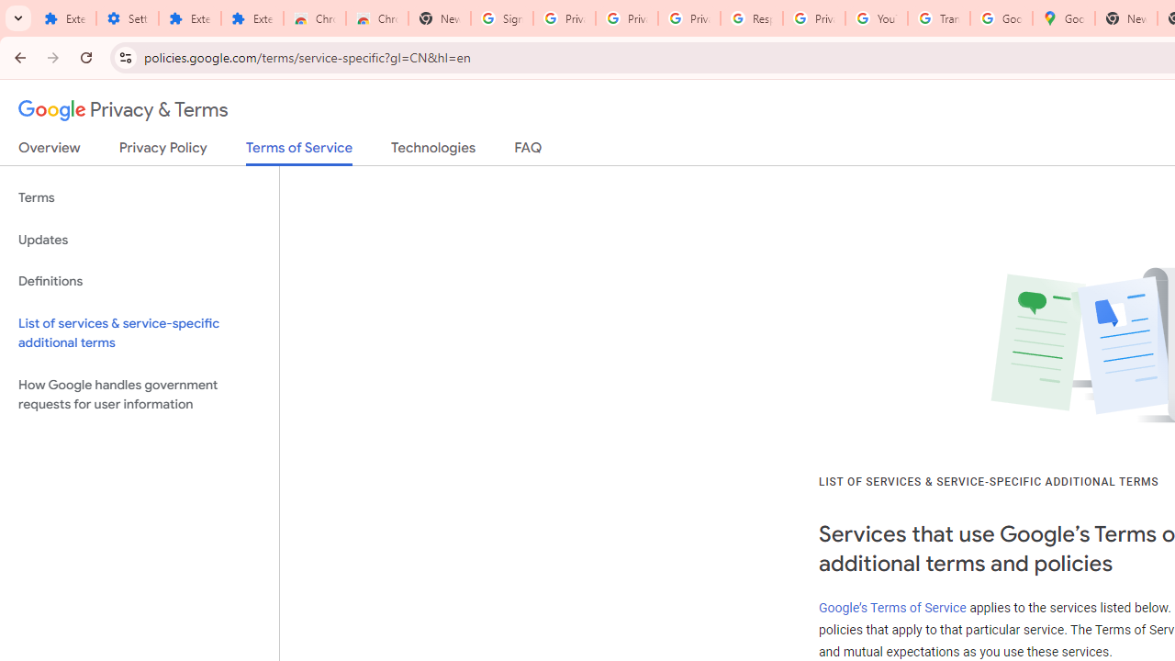  Describe the element at coordinates (875, 18) in the screenshot. I see `'YouTube'` at that location.